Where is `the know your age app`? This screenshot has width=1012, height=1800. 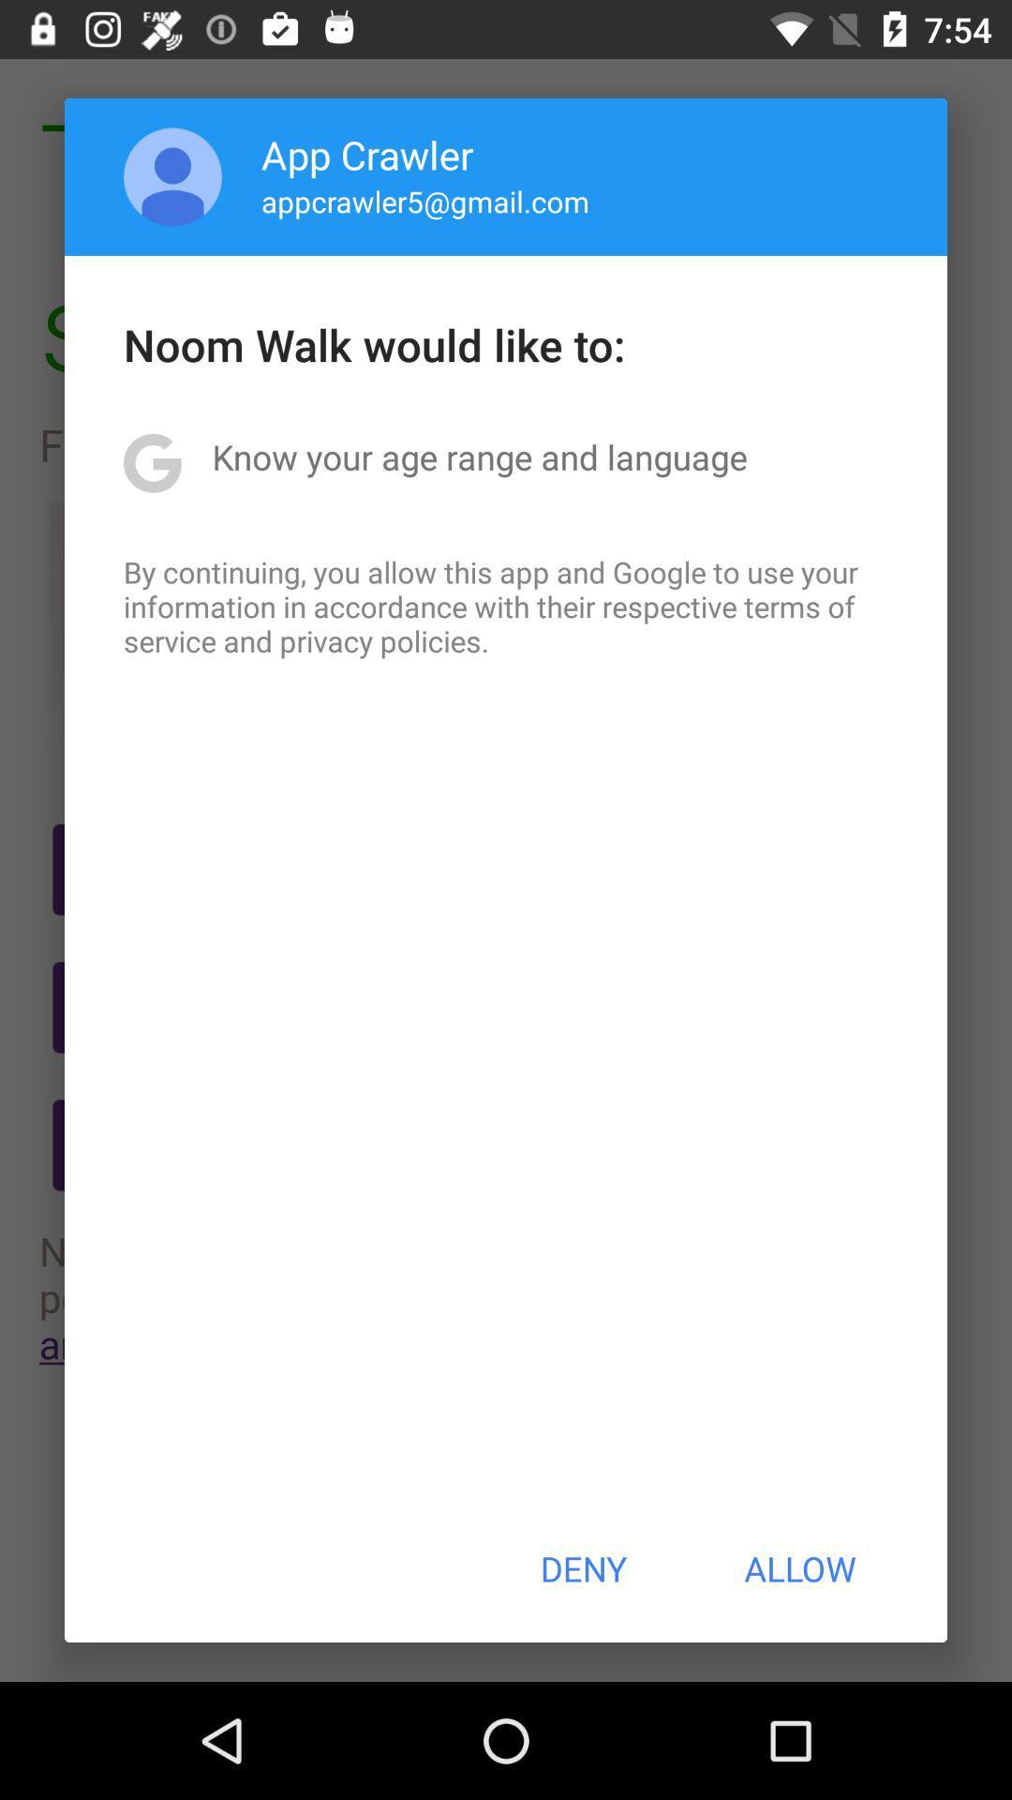
the know your age app is located at coordinates (479, 457).